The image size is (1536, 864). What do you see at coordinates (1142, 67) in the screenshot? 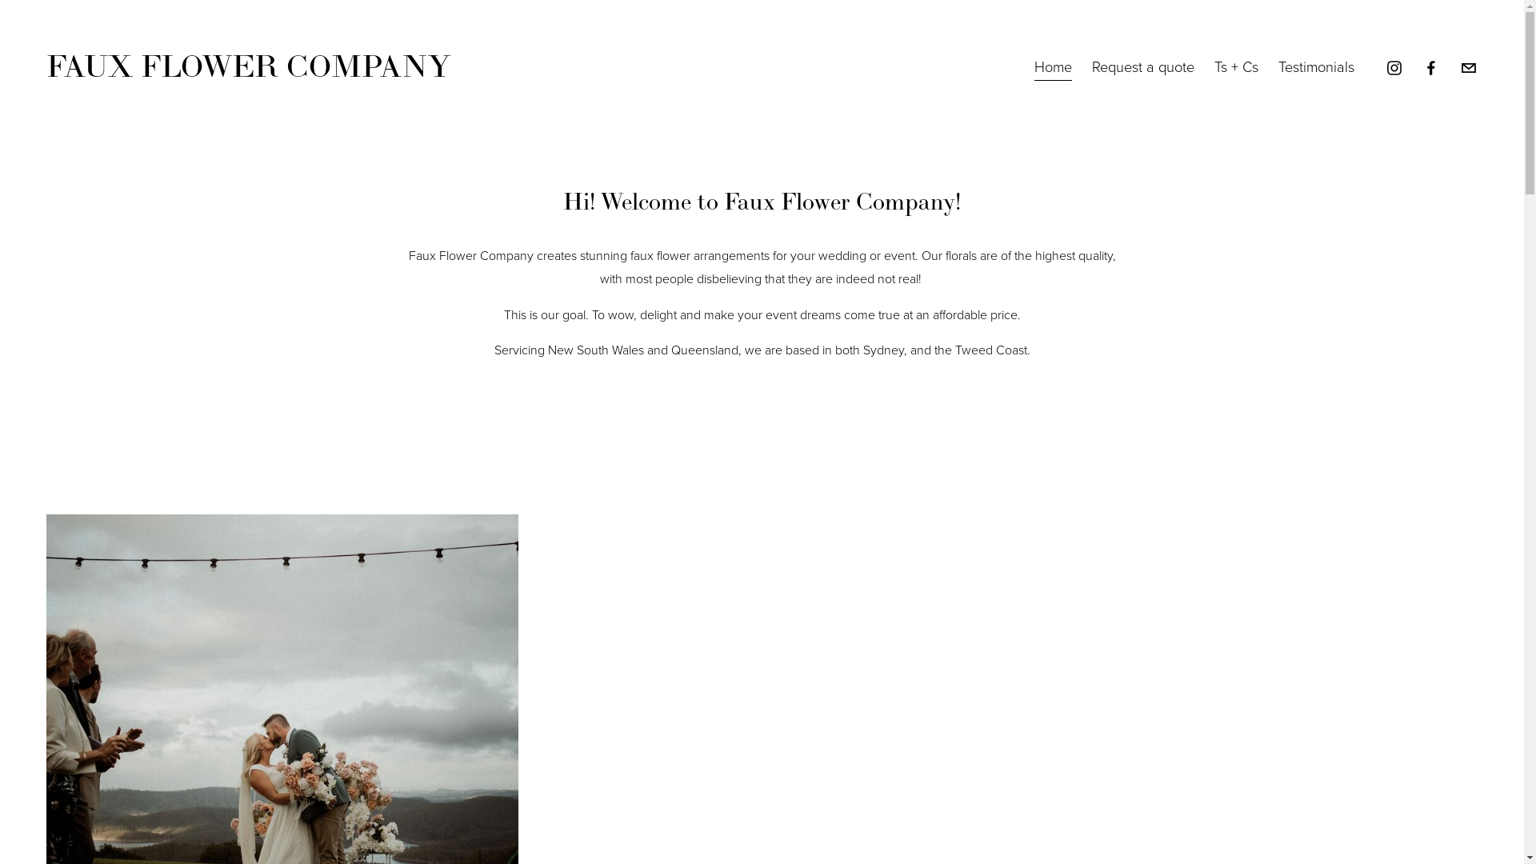
I see `'Request a quote'` at bounding box center [1142, 67].